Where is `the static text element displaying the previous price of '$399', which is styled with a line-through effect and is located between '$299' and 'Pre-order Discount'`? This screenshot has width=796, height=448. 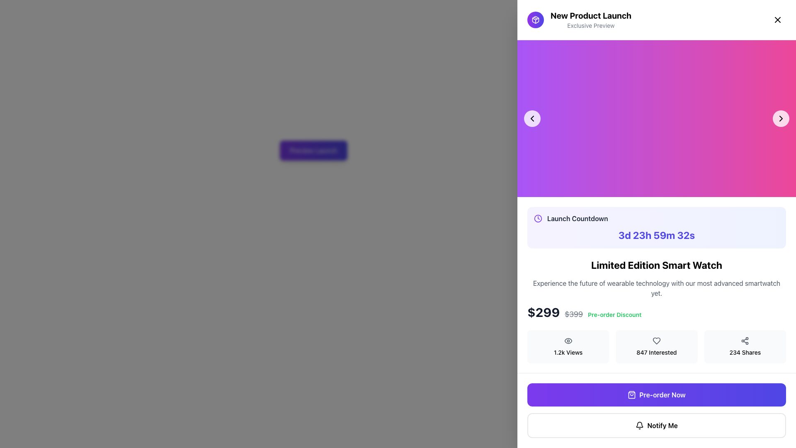
the static text element displaying the previous price of '$399', which is styled with a line-through effect and is located between '$299' and 'Pre-order Discount' is located at coordinates (573, 314).